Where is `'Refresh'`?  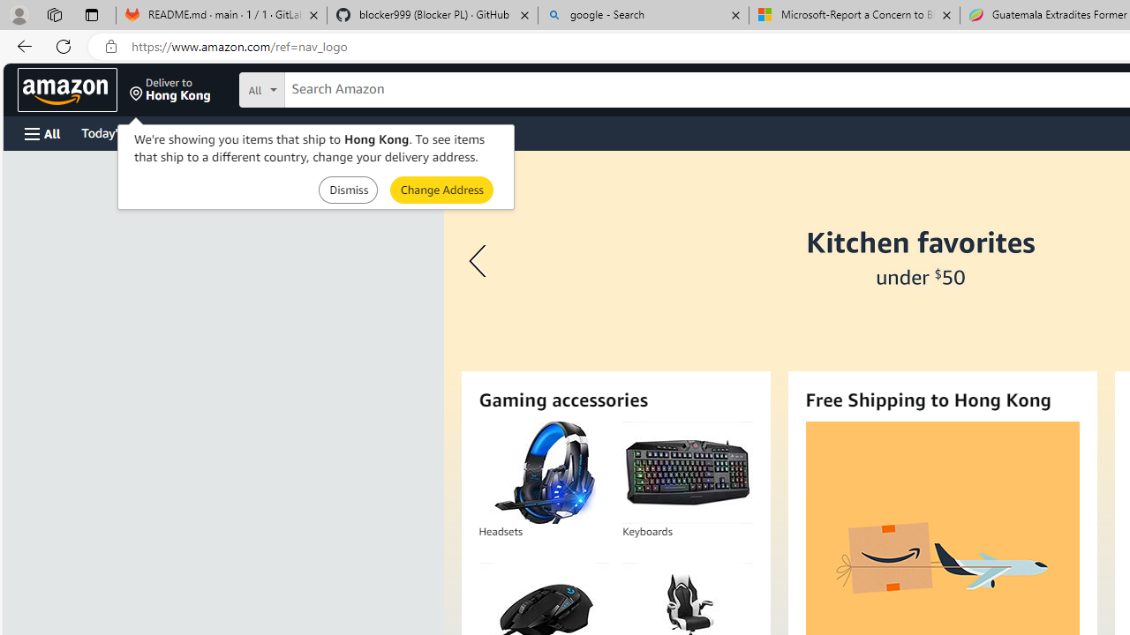 'Refresh' is located at coordinates (64, 45).